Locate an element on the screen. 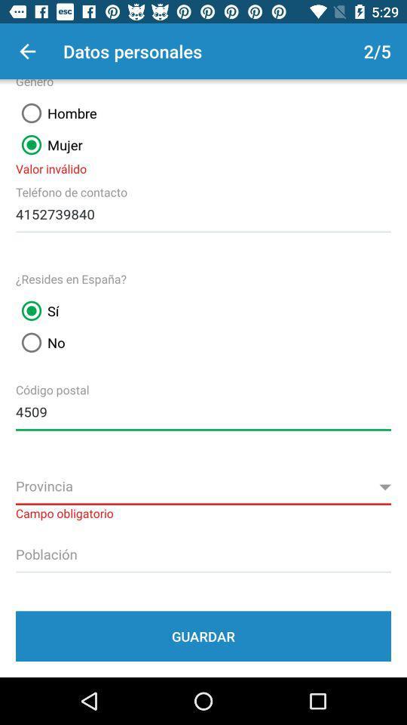 Image resolution: width=407 pixels, height=725 pixels. si is located at coordinates (37, 310).